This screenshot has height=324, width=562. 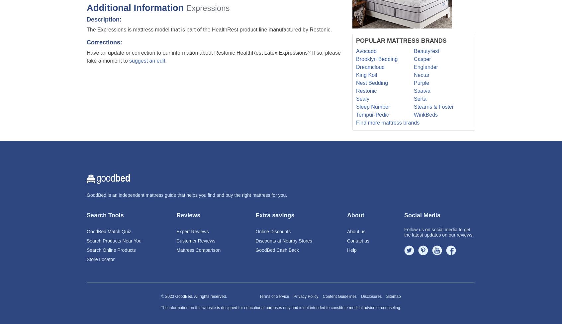 I want to click on 'Social Media', so click(x=422, y=215).